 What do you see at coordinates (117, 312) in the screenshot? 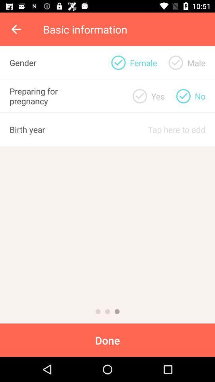
I see `icon above done item` at bounding box center [117, 312].